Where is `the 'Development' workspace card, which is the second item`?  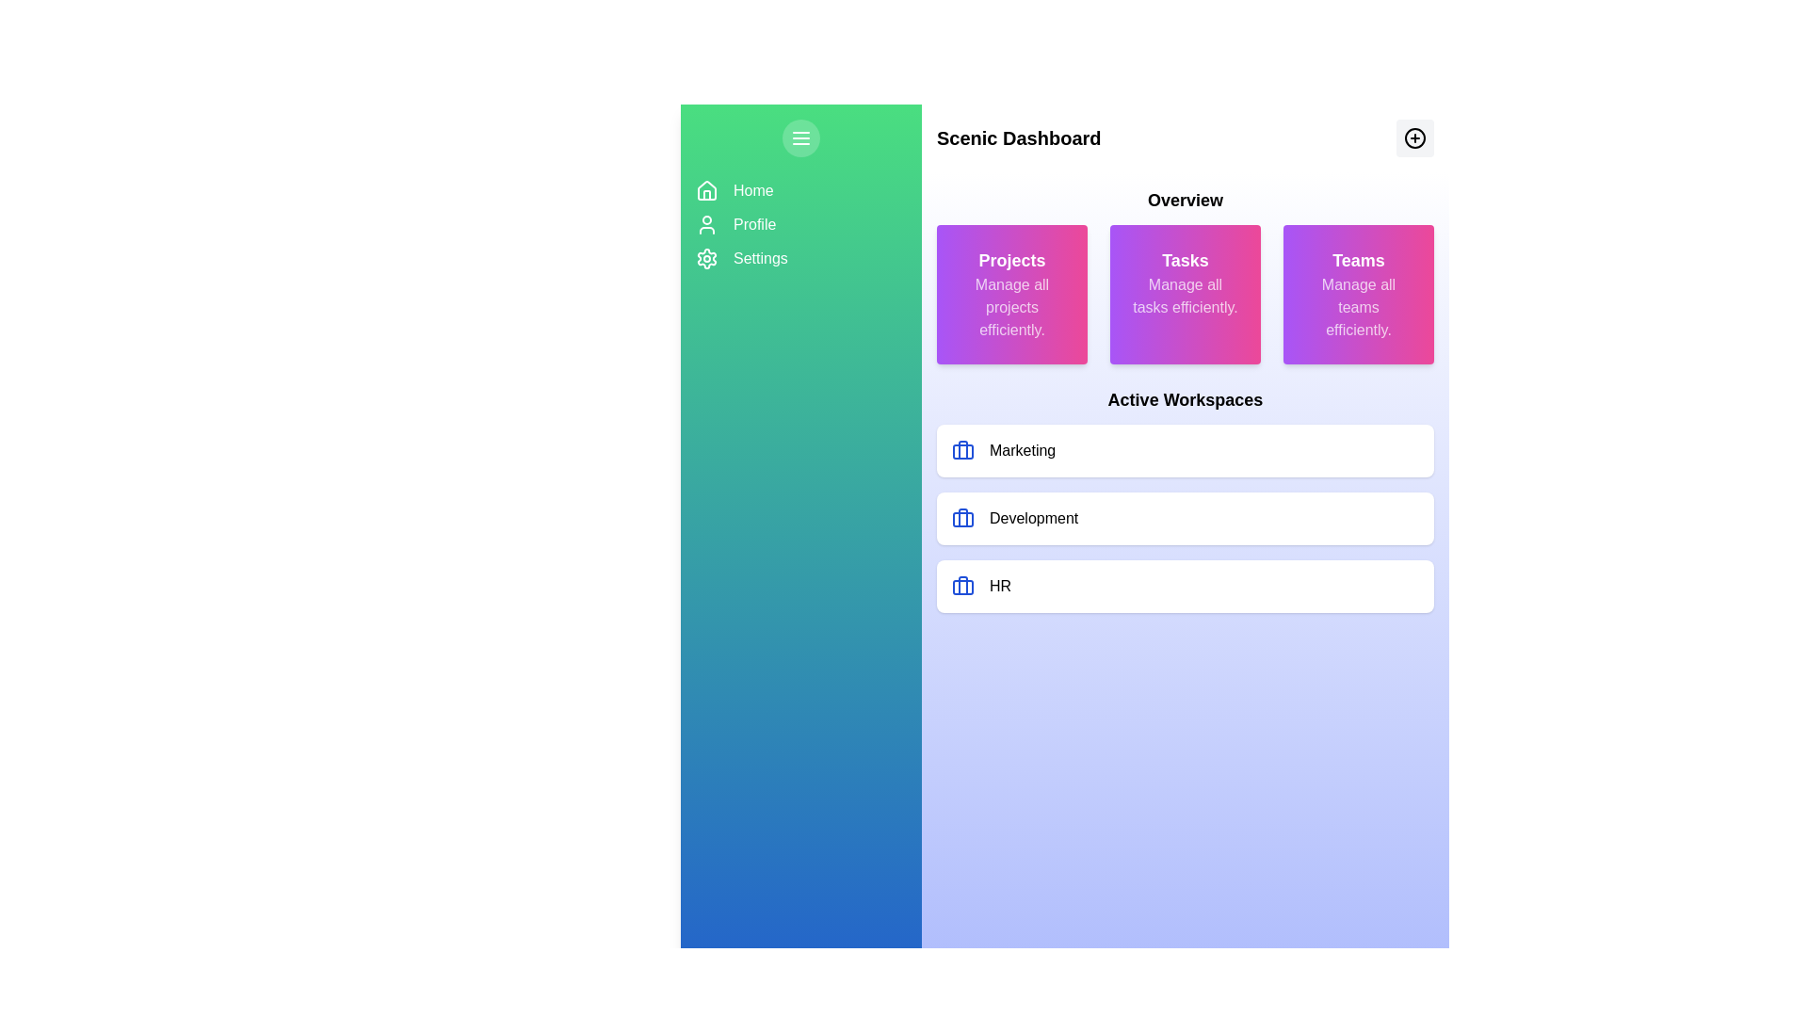
the 'Development' workspace card, which is the second item is located at coordinates (1184, 519).